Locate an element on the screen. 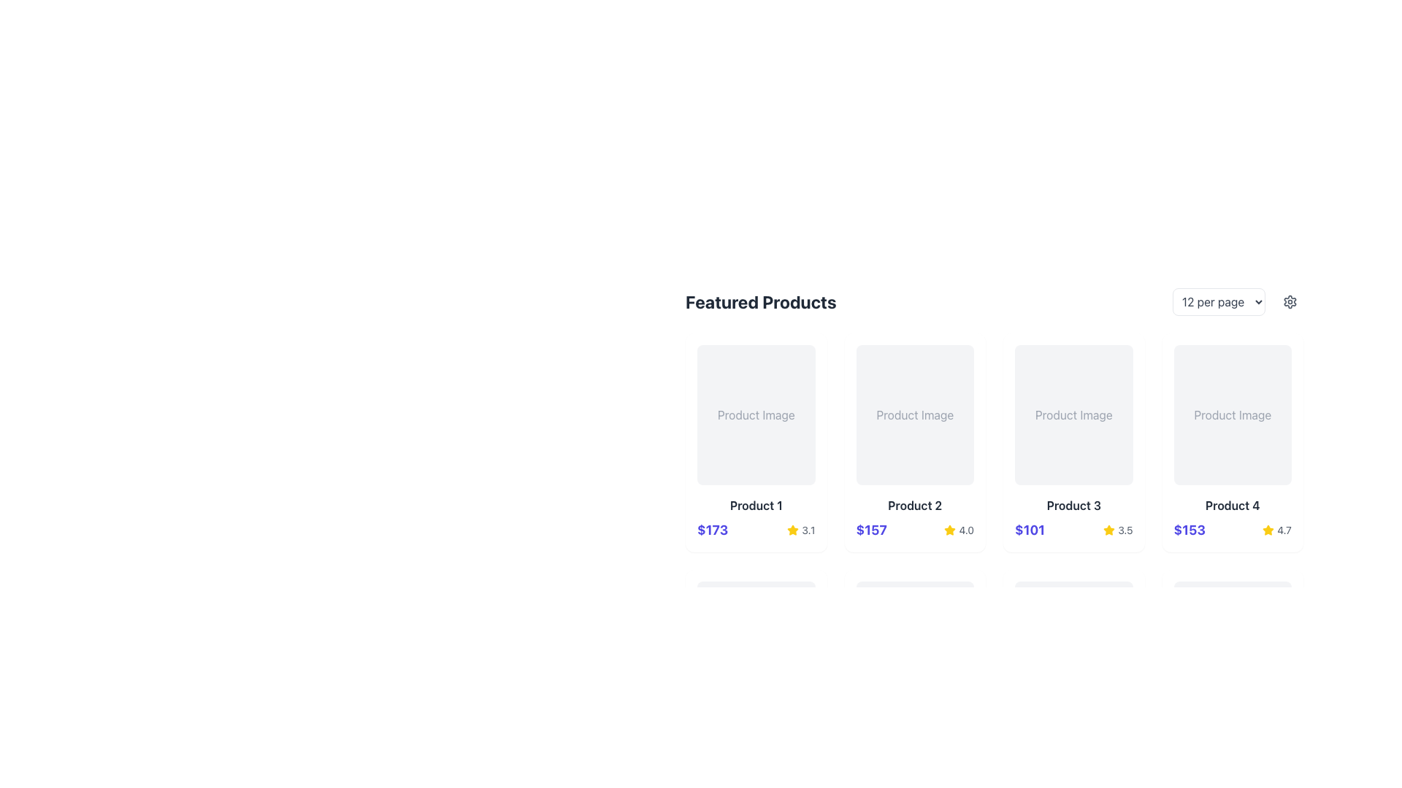  the settings icon located at the top-right corner of the product listings interface is located at coordinates (1290, 301).